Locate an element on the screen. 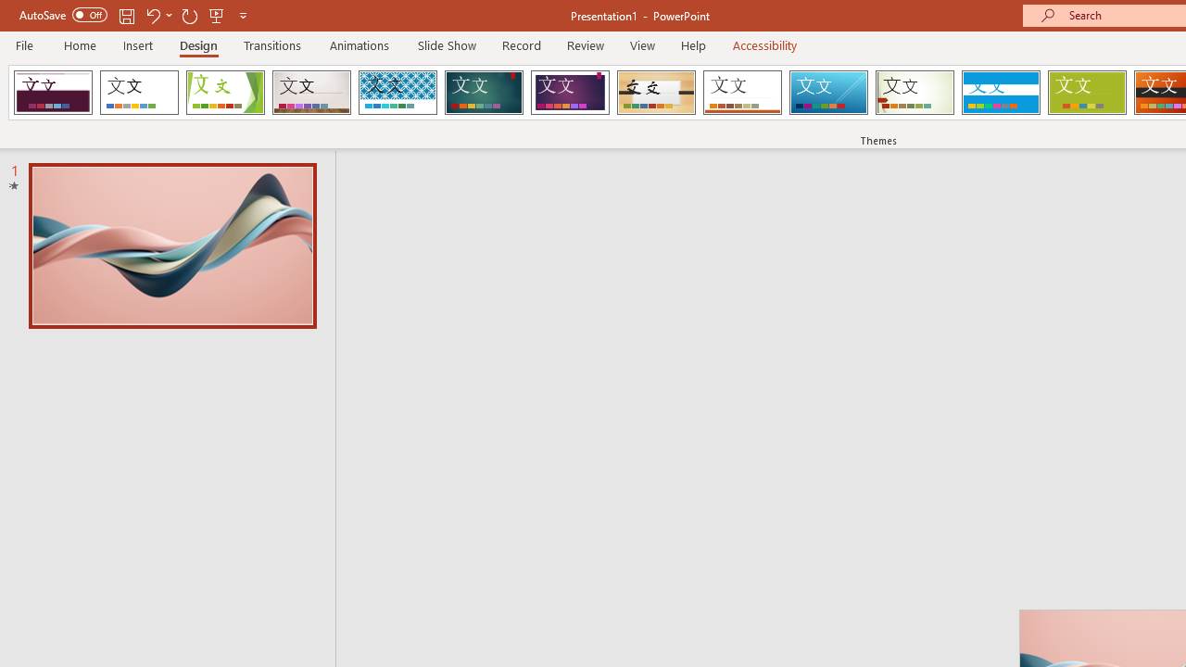  'Banded' is located at coordinates (1000, 93).